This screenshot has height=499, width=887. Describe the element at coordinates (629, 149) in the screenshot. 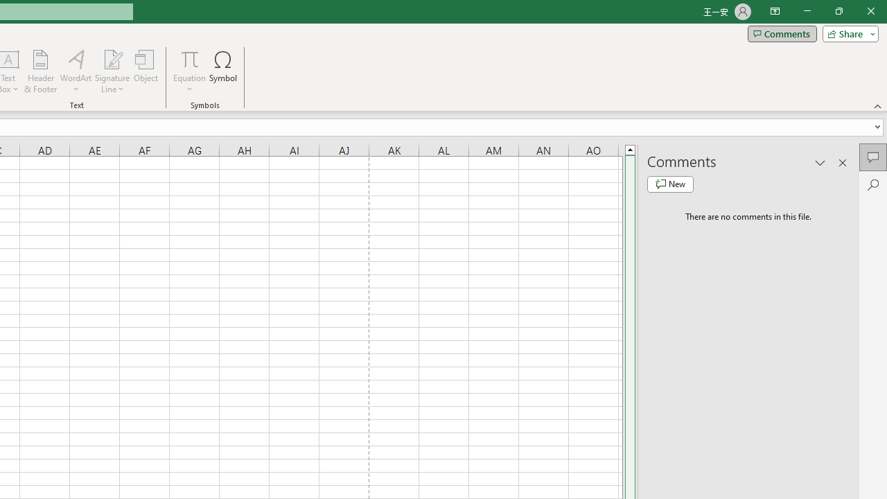

I see `'Line up'` at that location.